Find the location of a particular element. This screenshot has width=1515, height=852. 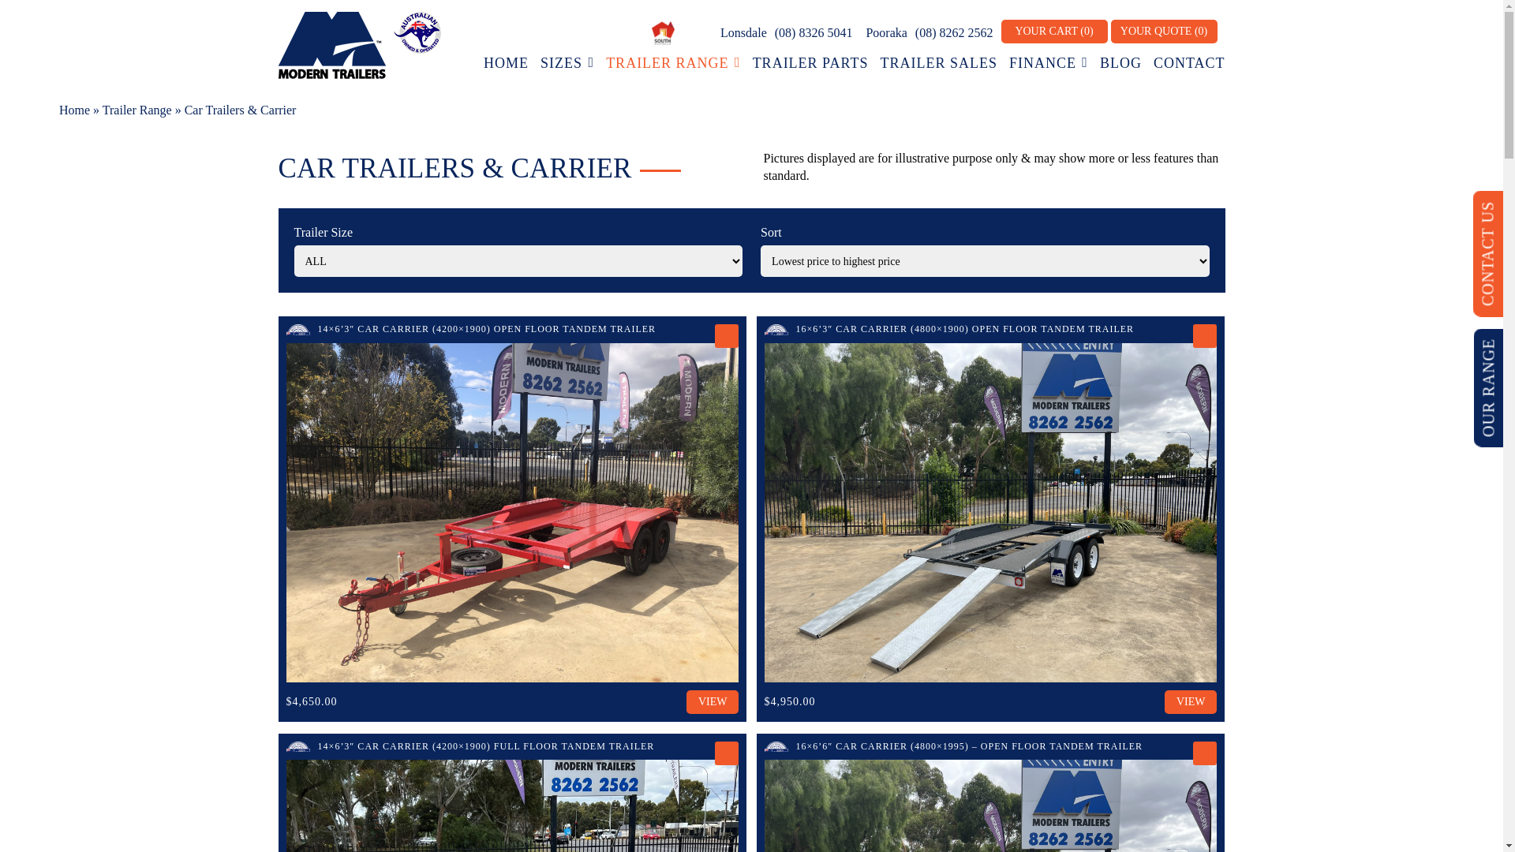

'(08) 8326 5041' is located at coordinates (814, 32).